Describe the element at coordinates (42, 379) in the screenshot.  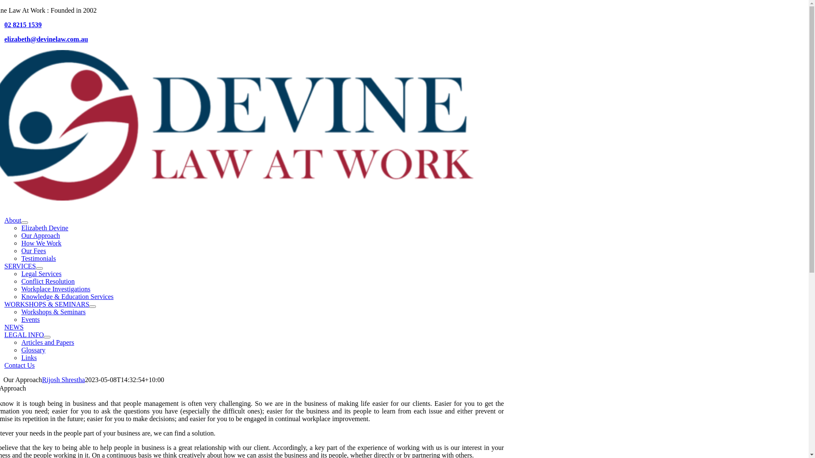
I see `'Rijosh Shrestha'` at that location.